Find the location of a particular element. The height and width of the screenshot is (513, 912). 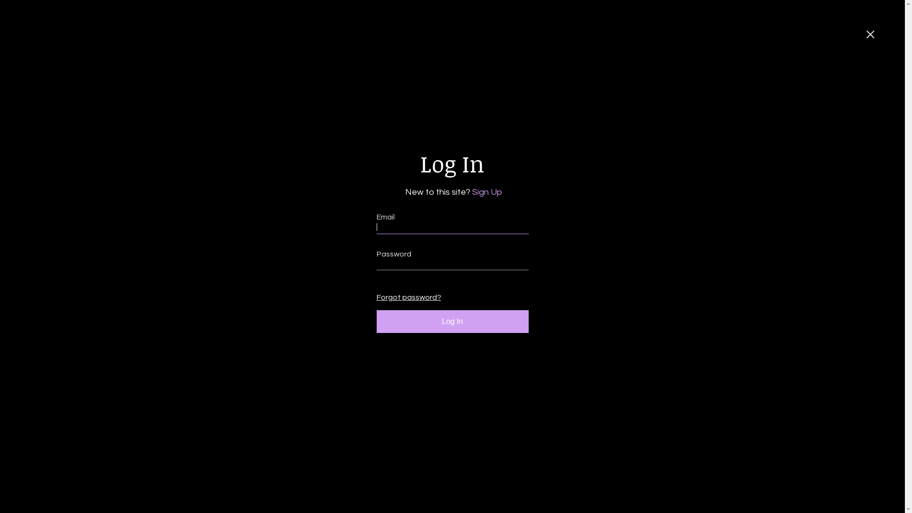

'Forgot password?' is located at coordinates (406, 297).